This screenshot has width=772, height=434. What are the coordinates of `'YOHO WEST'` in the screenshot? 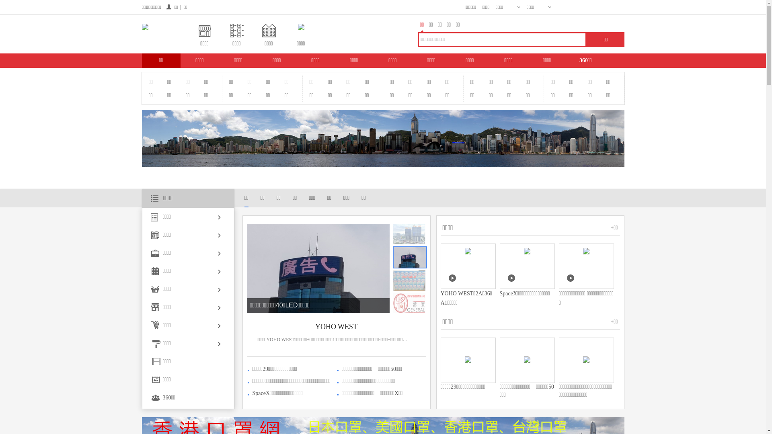 It's located at (178, 305).